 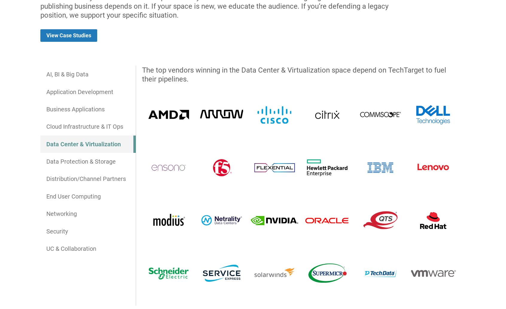 I want to click on 'Networking', so click(x=61, y=213).